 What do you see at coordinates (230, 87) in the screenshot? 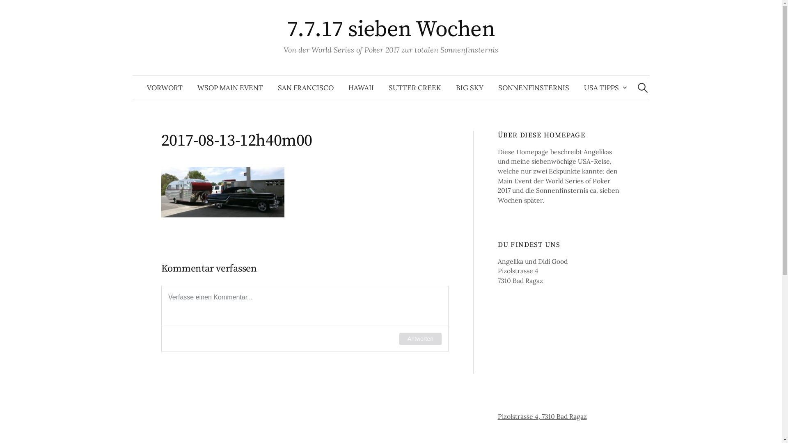
I see `'WSOP MAIN EVENT'` at bounding box center [230, 87].